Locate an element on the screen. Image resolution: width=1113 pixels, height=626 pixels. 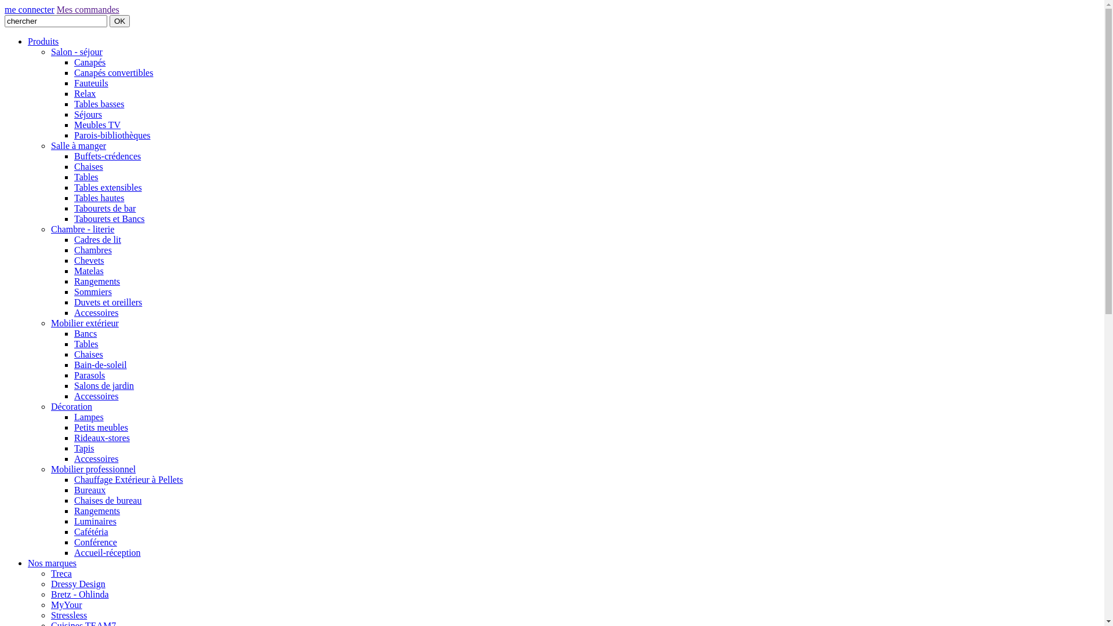
'Relax' is located at coordinates (84, 93).